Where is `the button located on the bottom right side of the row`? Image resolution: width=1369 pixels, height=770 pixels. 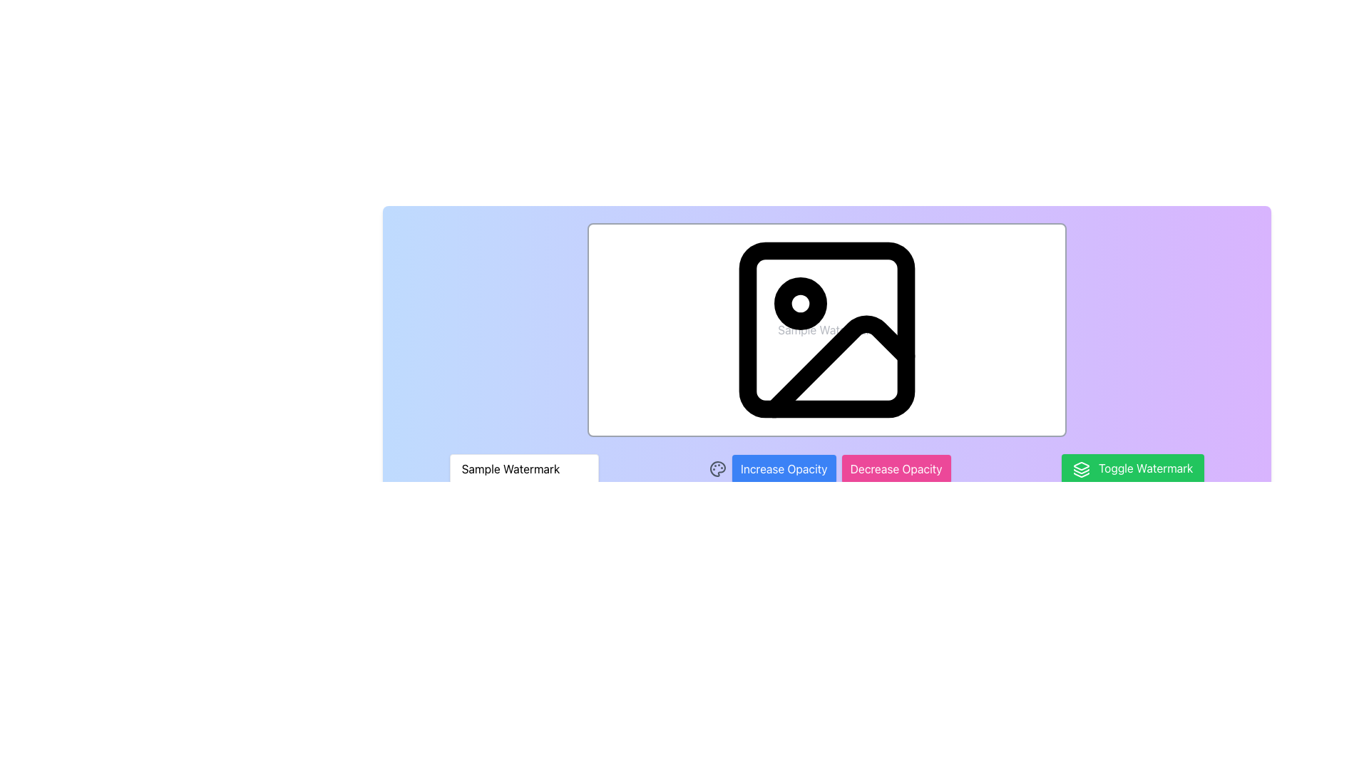
the button located on the bottom right side of the row is located at coordinates (1132, 469).